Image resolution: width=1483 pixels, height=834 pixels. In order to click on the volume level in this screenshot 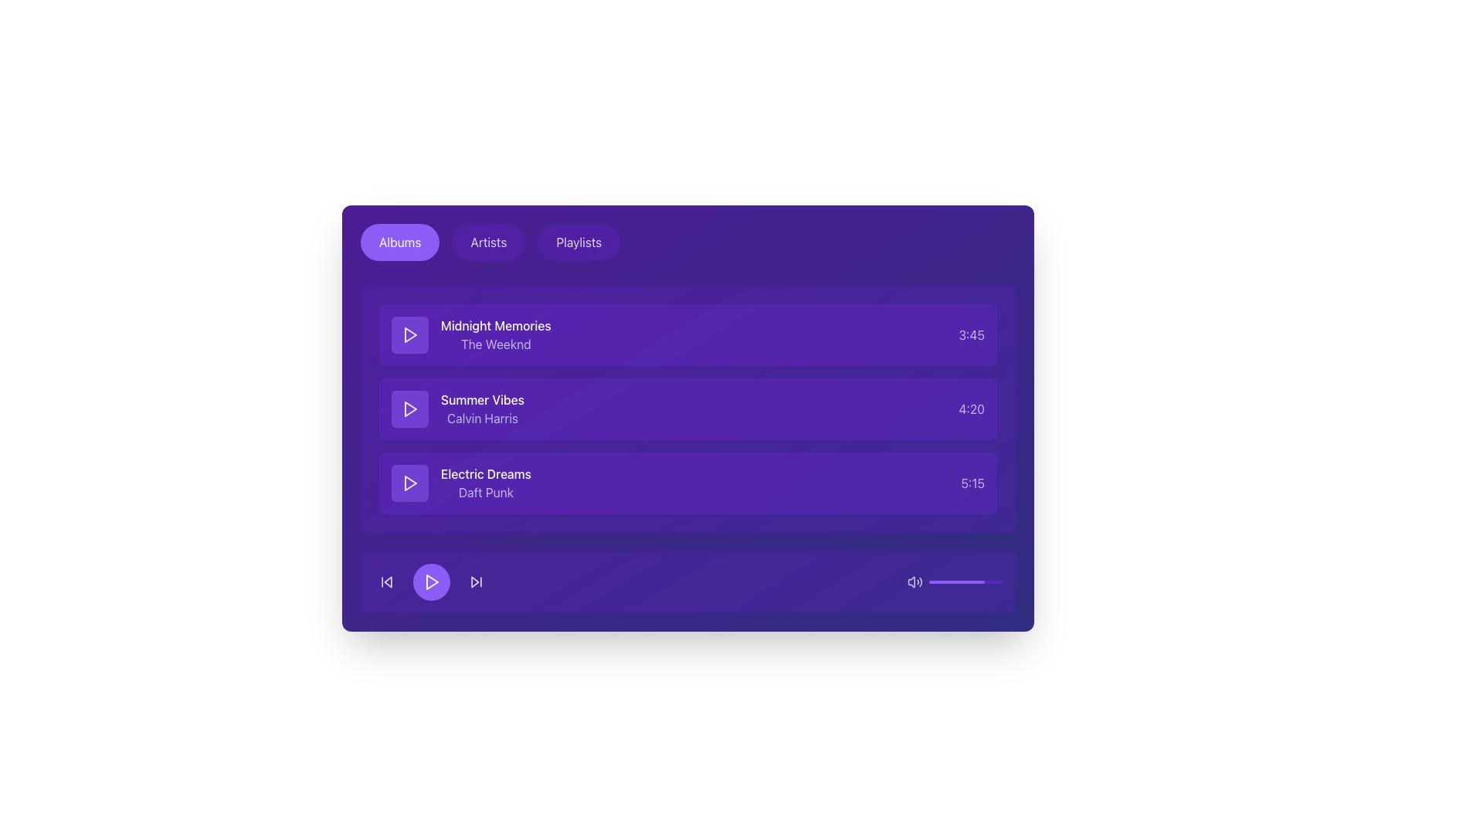, I will do `click(957, 581)`.